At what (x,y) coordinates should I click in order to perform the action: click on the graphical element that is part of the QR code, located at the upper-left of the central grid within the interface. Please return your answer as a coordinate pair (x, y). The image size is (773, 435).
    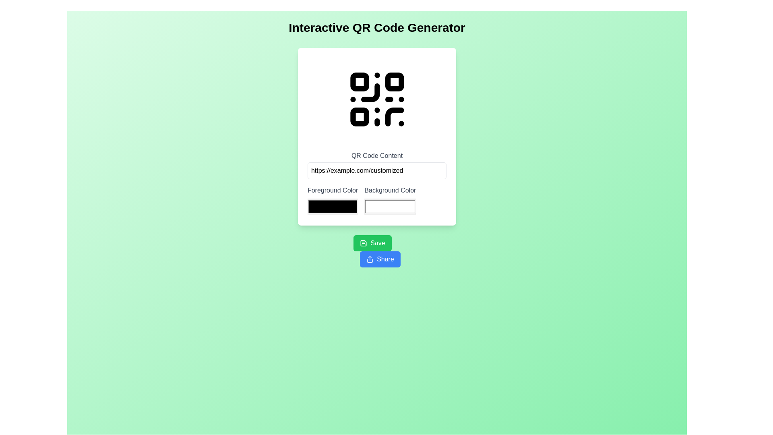
    Looking at the image, I should click on (370, 92).